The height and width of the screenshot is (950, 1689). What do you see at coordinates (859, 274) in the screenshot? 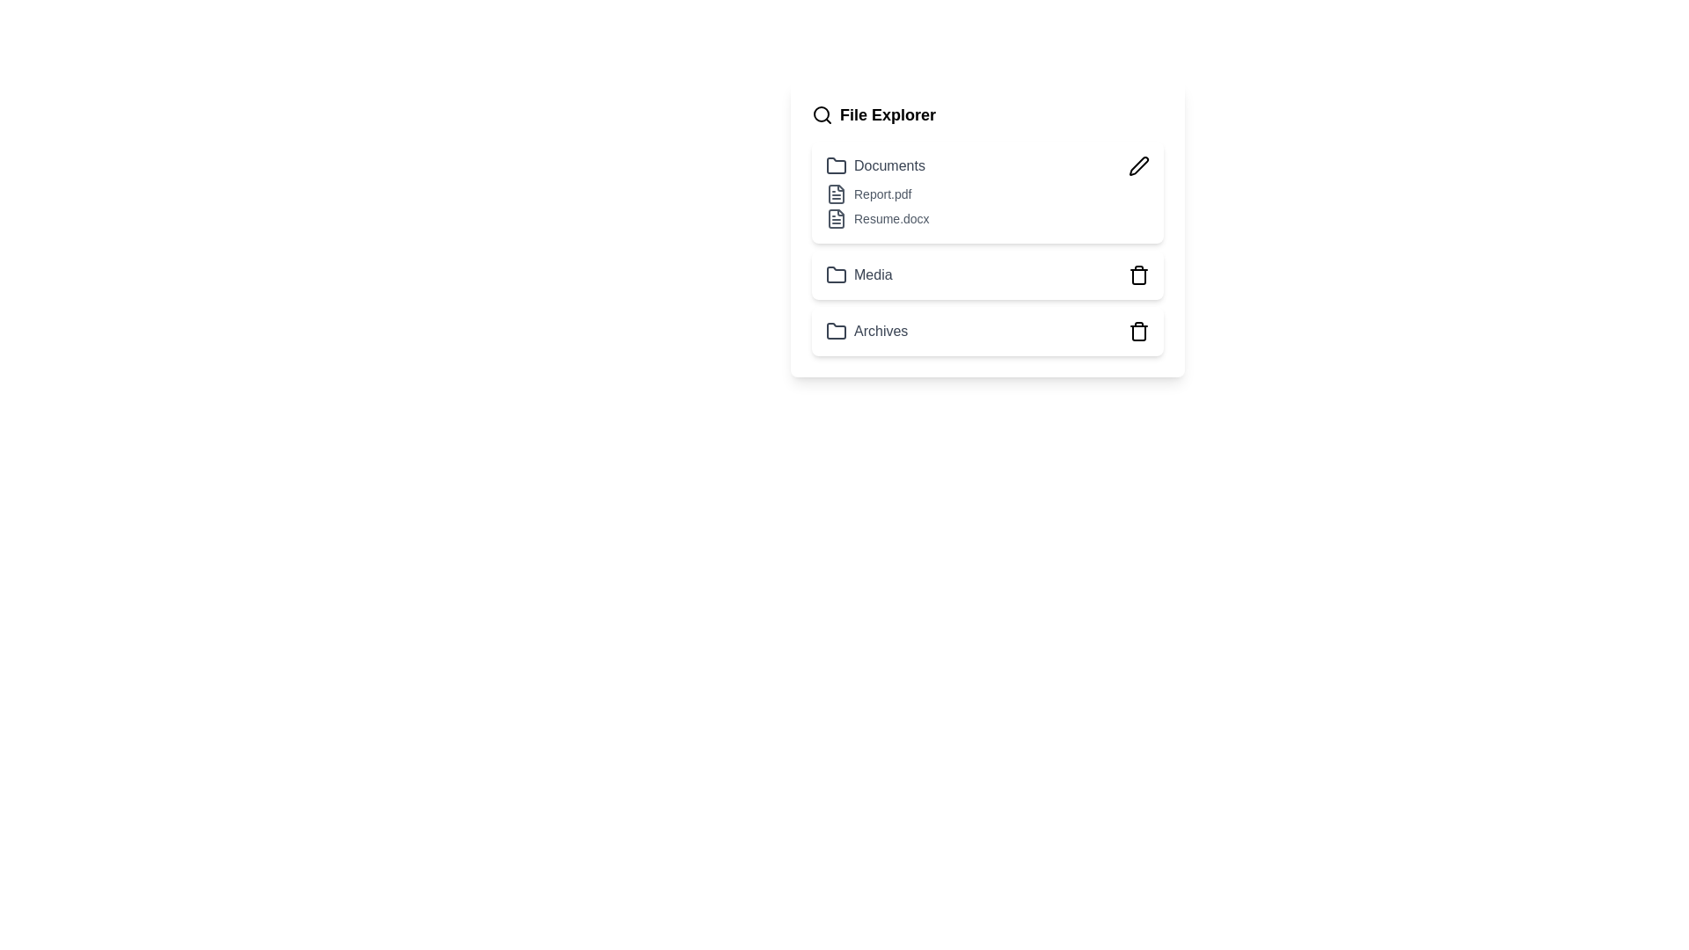
I see `the 'Media' text label, which is styled in medium-weight gray font and represents a media-related folder` at bounding box center [859, 274].